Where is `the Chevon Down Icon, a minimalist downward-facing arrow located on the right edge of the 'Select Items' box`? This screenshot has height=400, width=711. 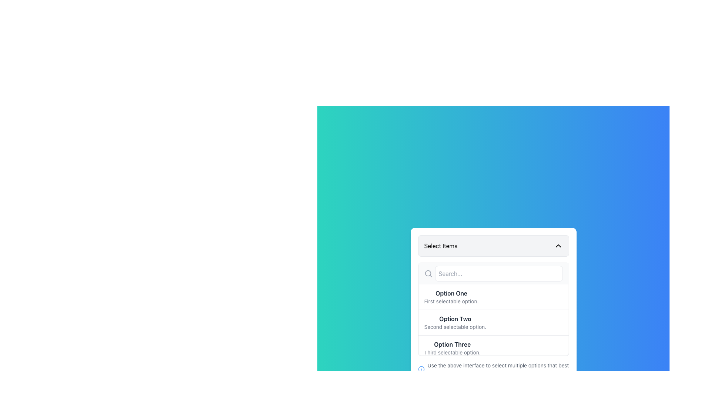 the Chevon Down Icon, a minimalist downward-facing arrow located on the right edge of the 'Select Items' box is located at coordinates (558, 246).